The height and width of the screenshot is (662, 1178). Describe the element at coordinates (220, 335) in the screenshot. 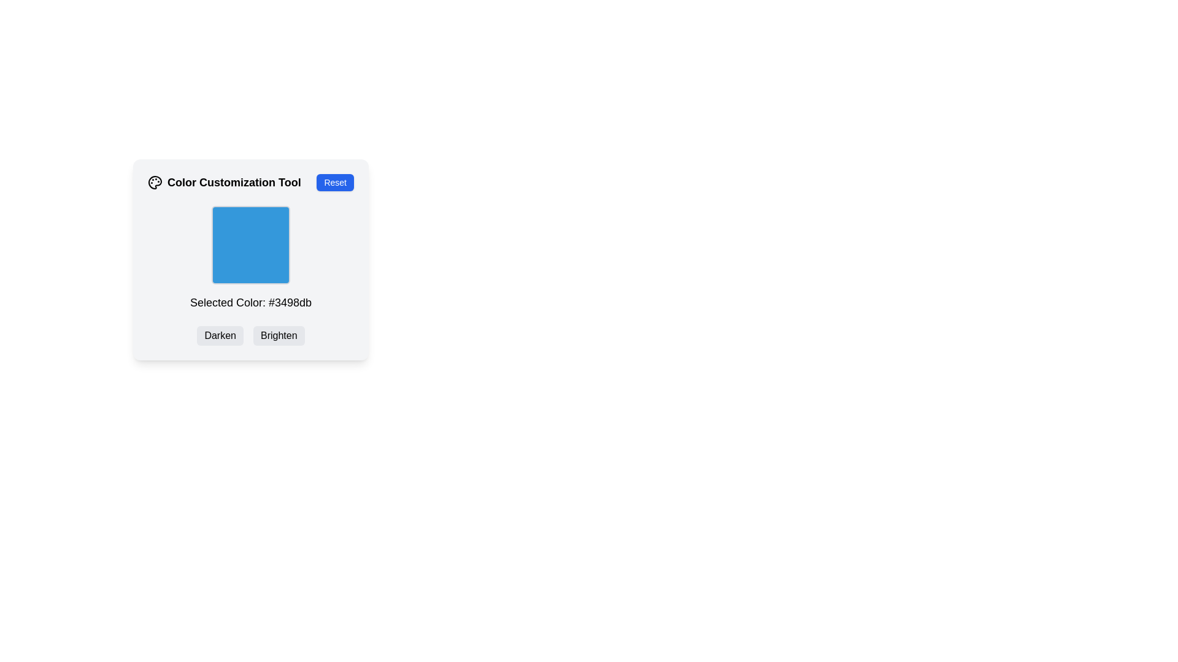

I see `the 'Darken' button` at that location.